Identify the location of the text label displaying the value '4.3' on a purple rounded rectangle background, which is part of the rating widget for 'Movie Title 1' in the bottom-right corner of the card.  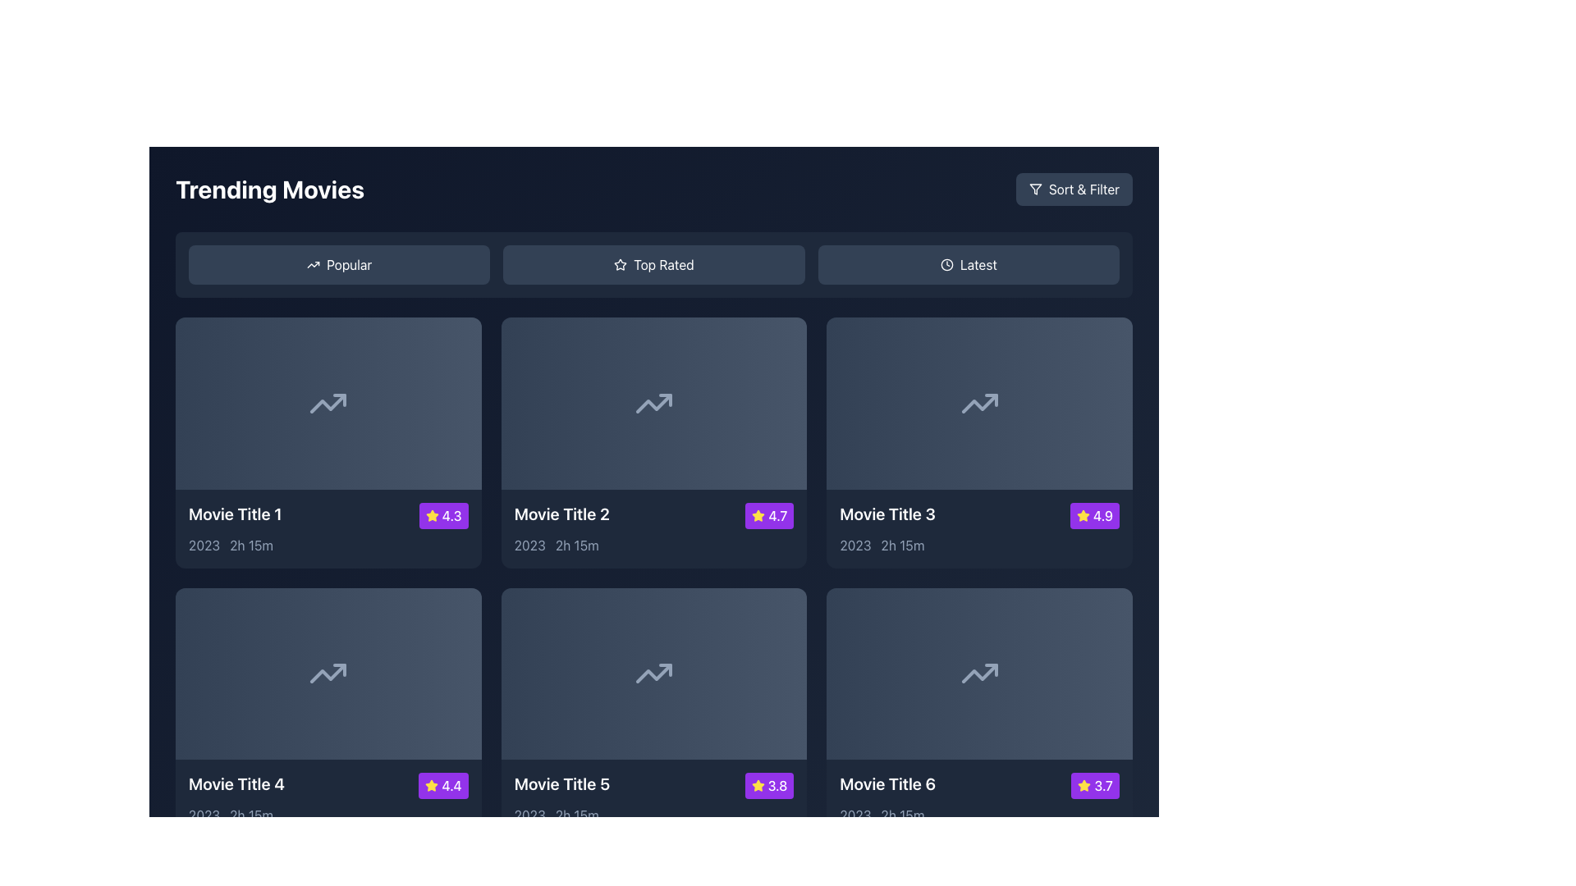
(451, 514).